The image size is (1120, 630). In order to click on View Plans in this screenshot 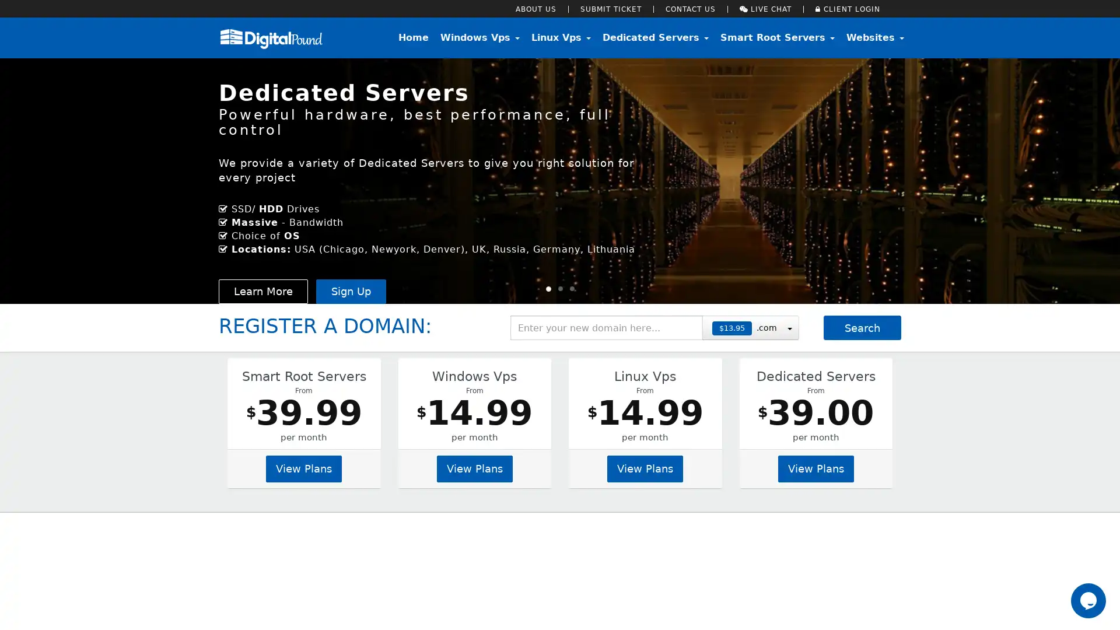, I will do `click(474, 467)`.